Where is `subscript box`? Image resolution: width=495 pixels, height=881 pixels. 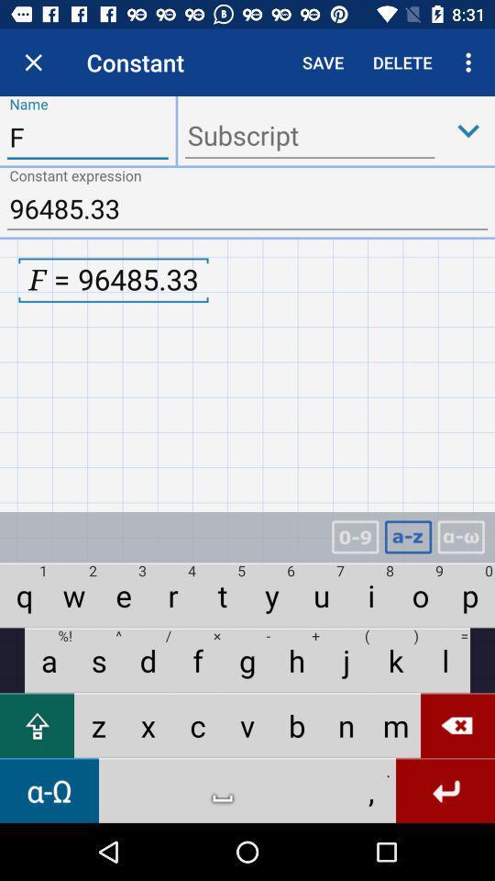 subscript box is located at coordinates (309, 136).